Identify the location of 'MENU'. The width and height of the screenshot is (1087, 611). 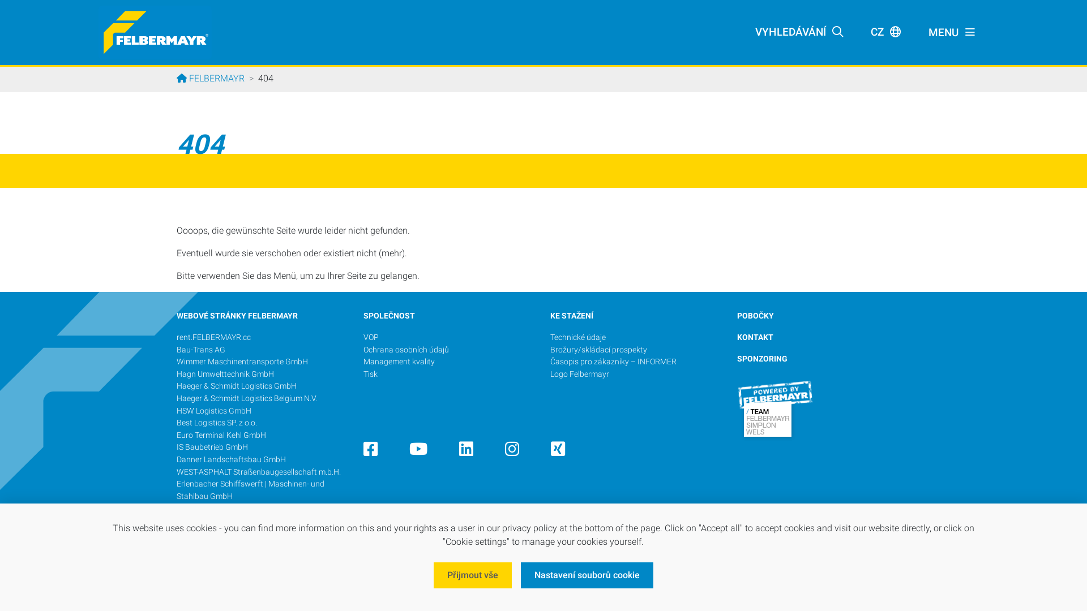
(951, 32).